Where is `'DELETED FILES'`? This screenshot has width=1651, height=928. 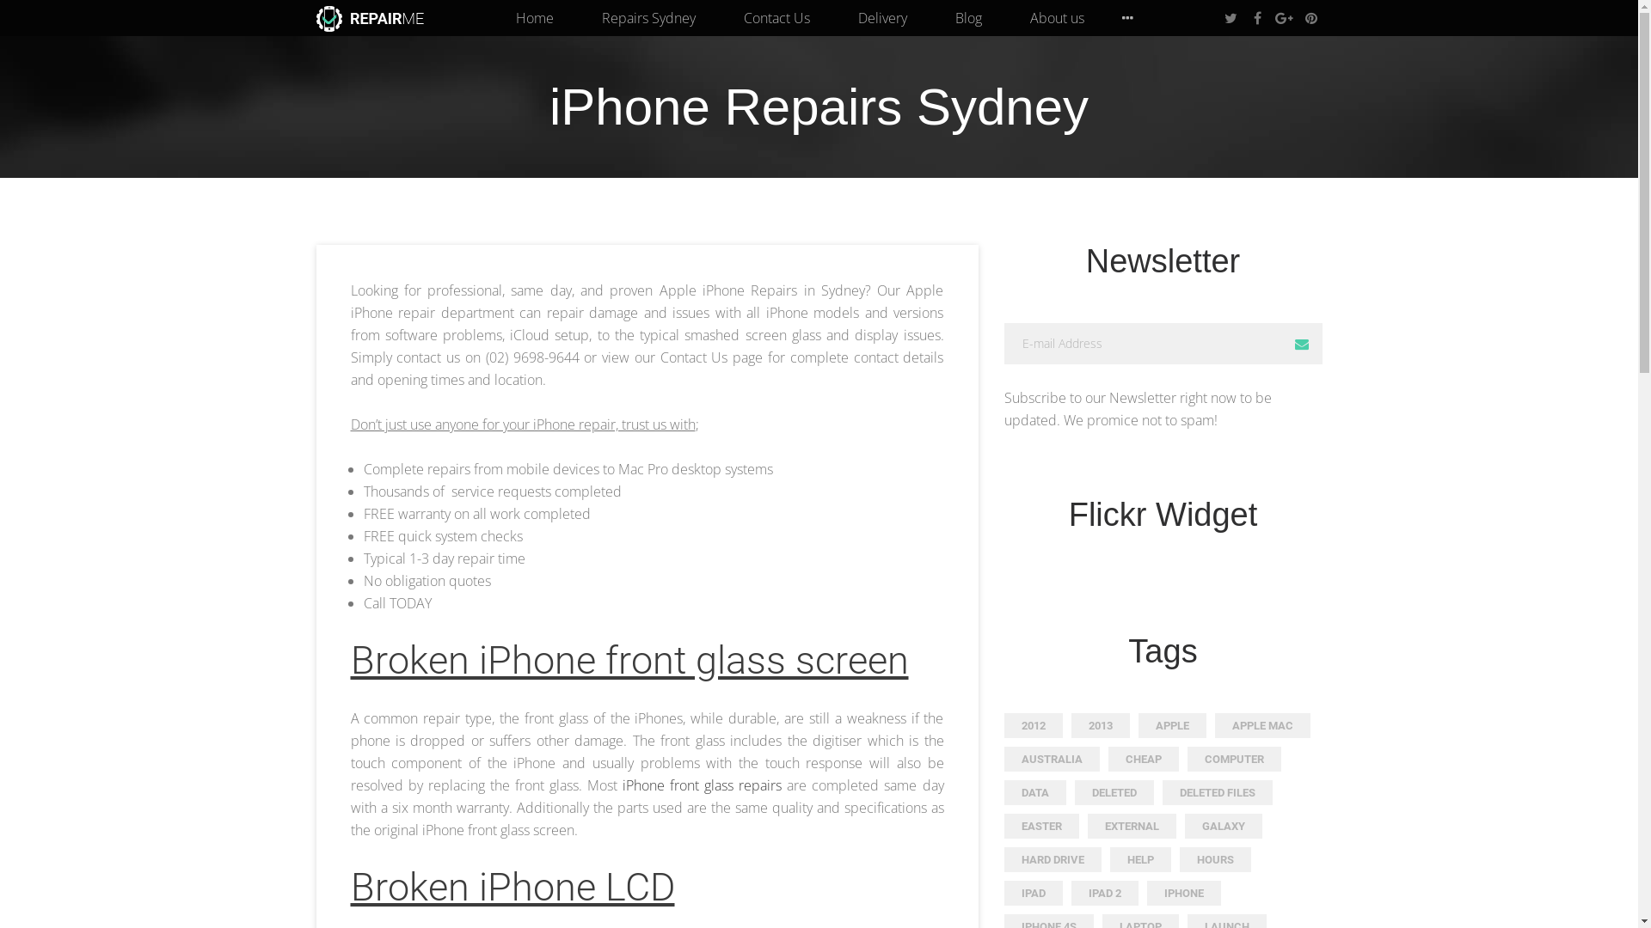 'DELETED FILES' is located at coordinates (1217, 792).